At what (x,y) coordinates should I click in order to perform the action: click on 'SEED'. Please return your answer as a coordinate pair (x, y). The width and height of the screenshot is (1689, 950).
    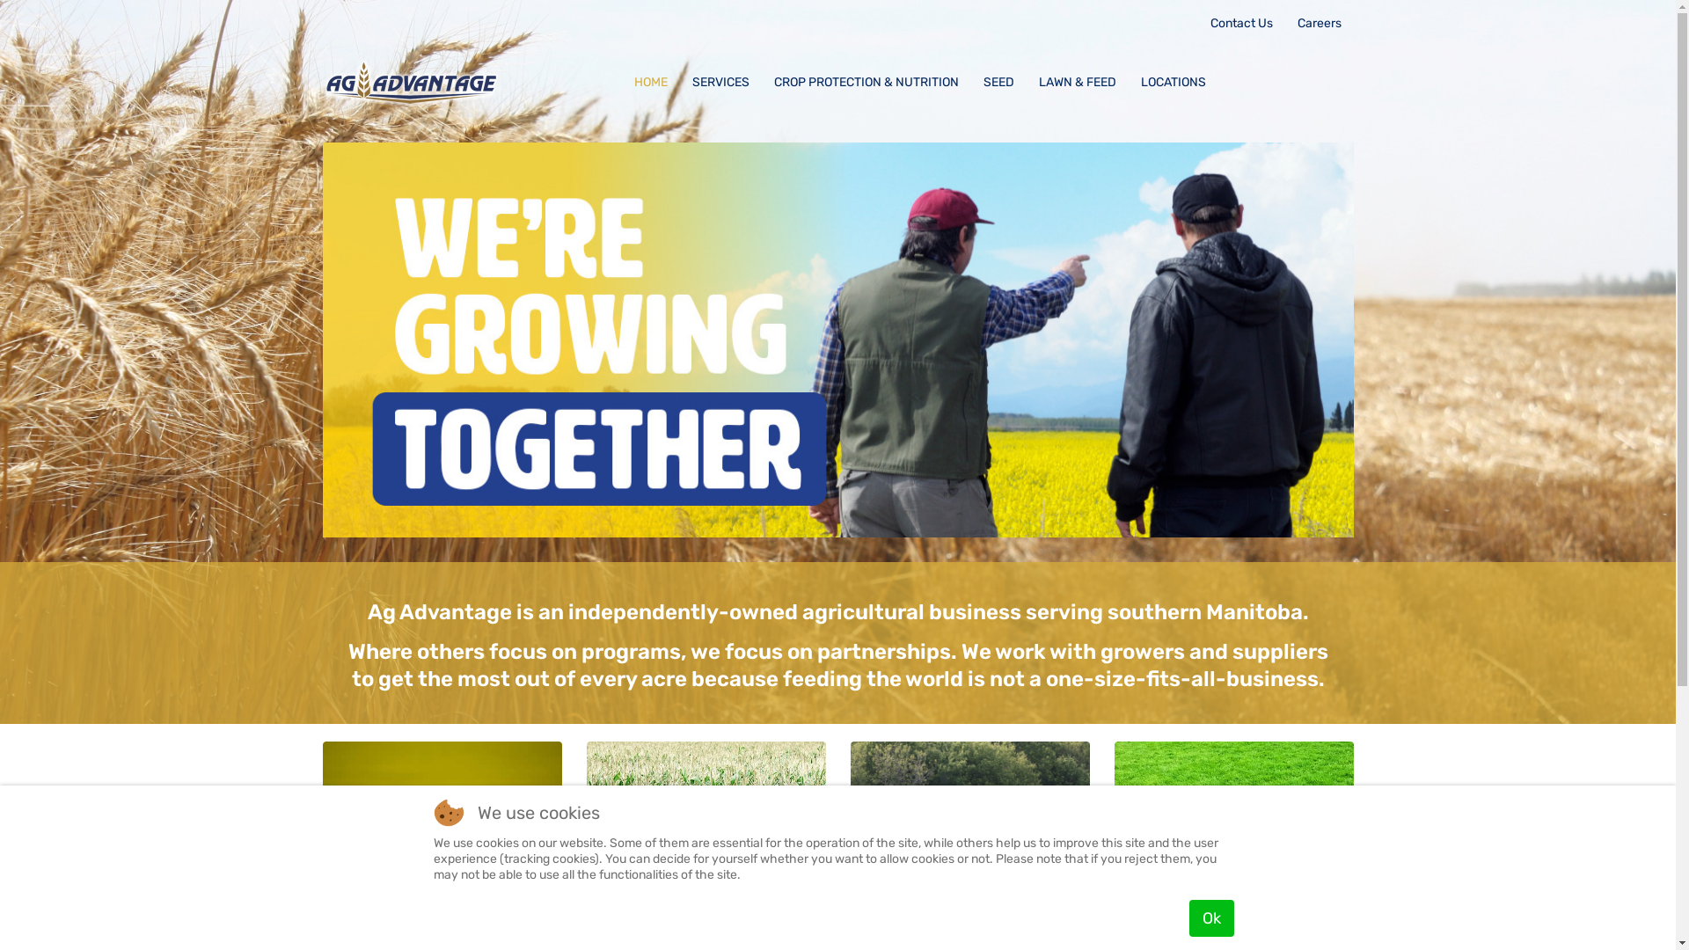
    Looking at the image, I should click on (998, 82).